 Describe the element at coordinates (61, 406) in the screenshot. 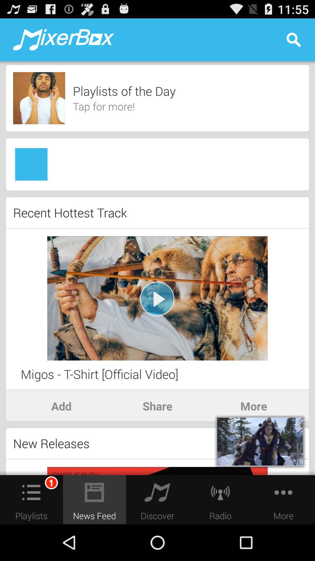

I see `add` at that location.